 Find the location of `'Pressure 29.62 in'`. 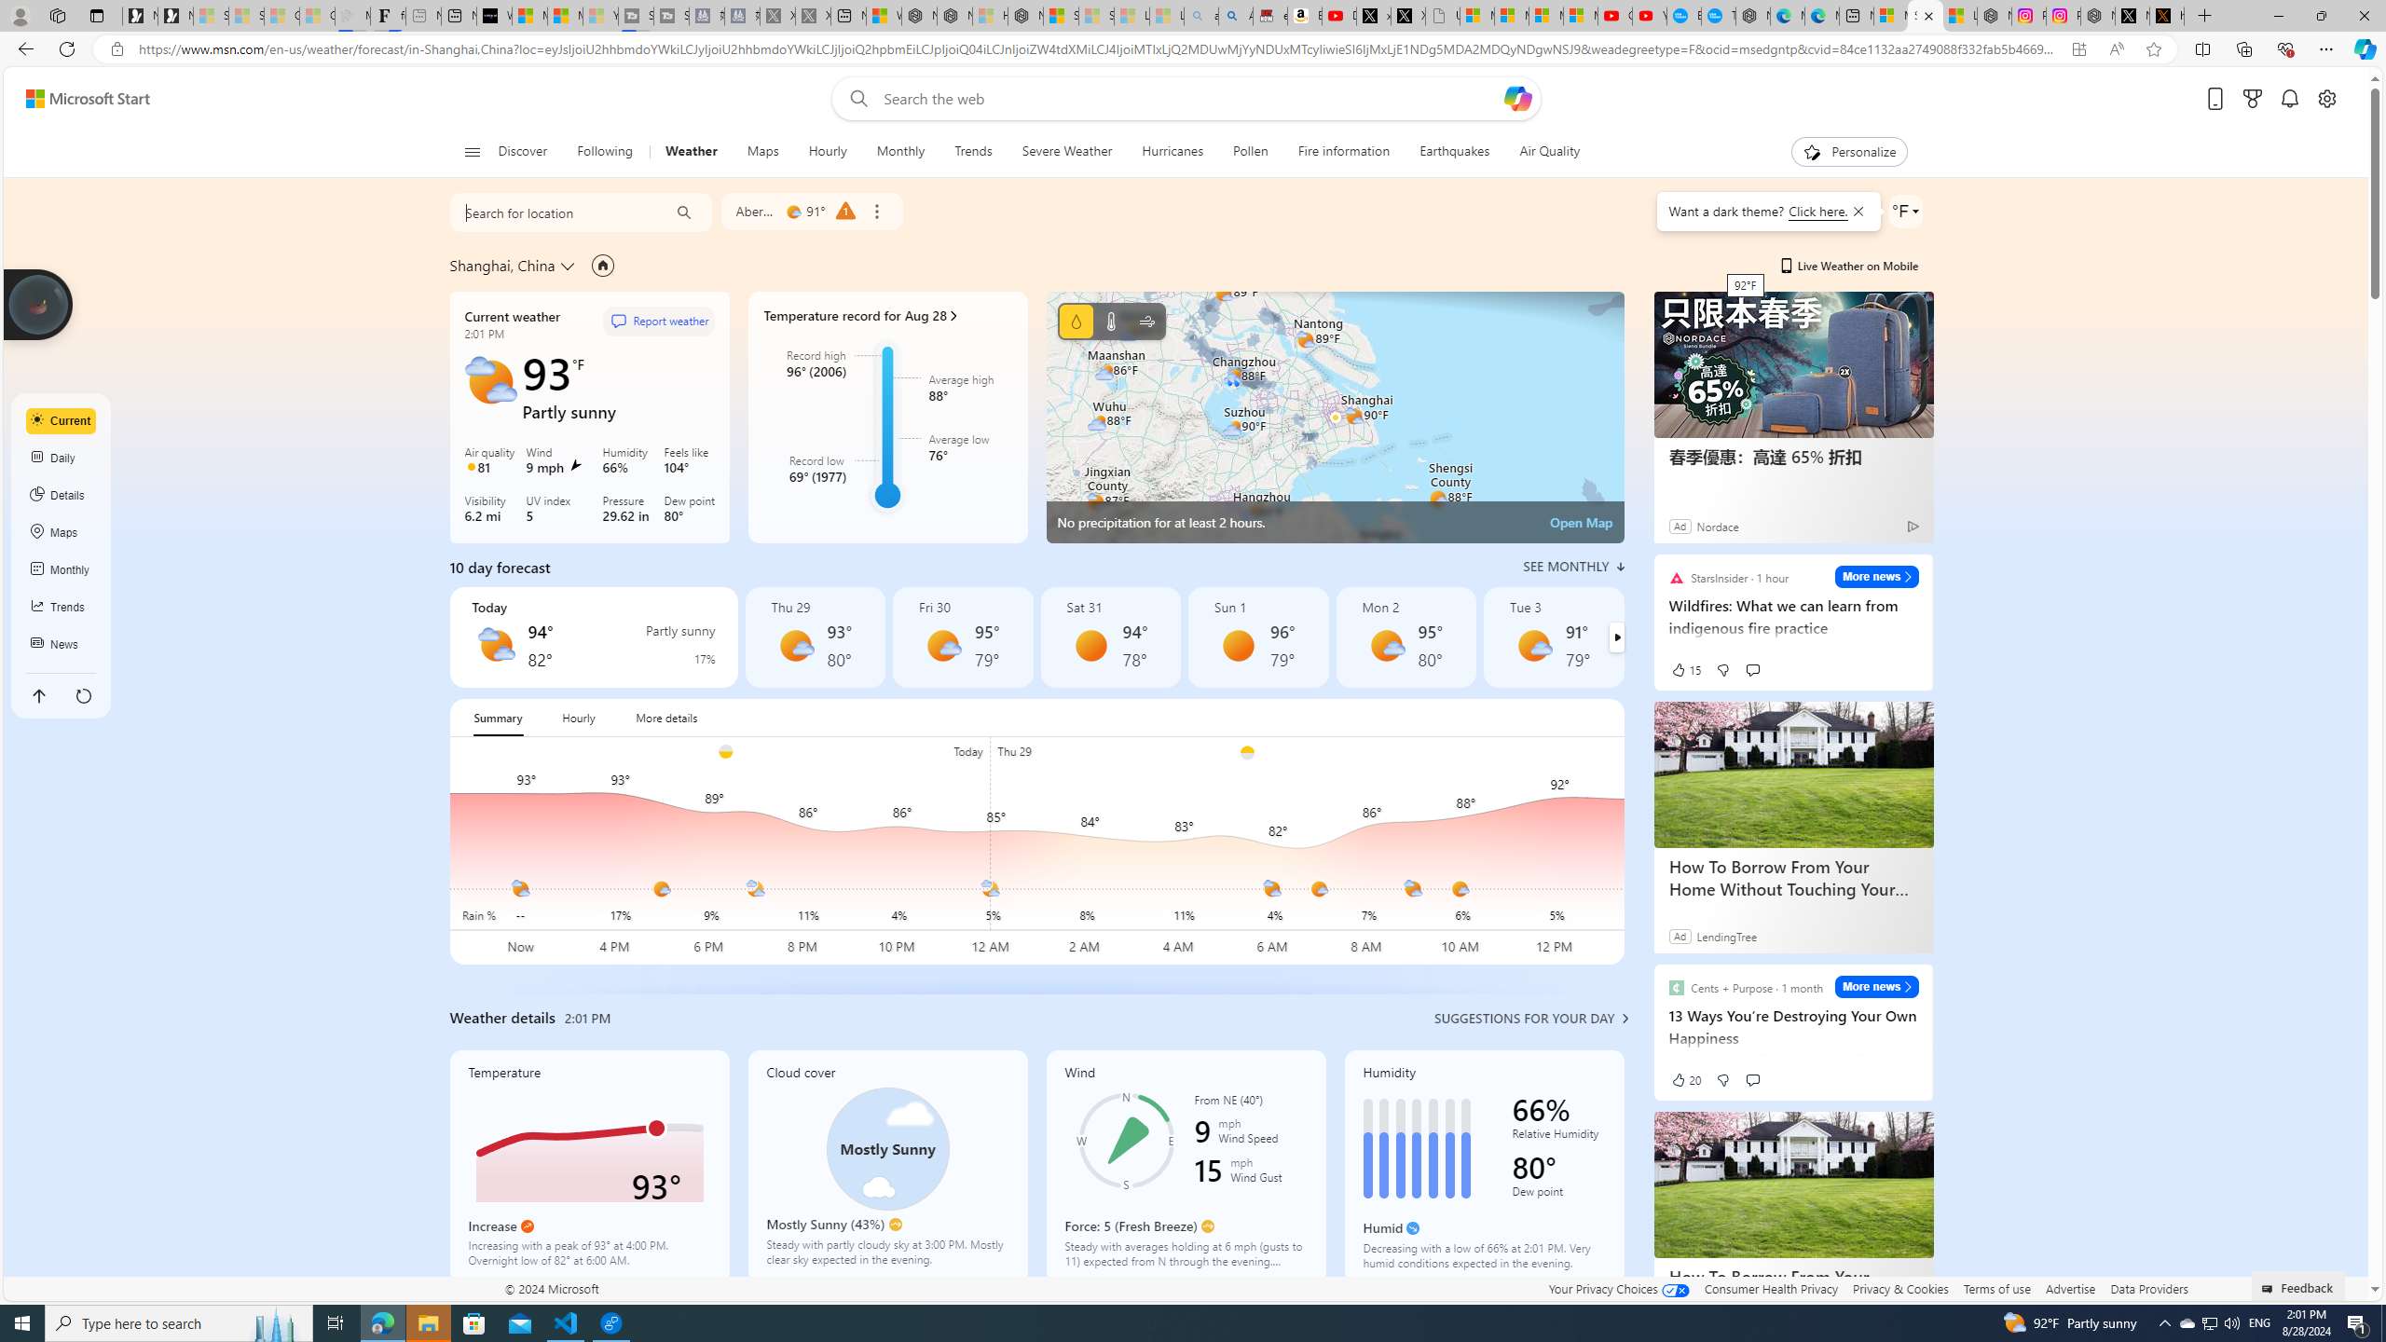

'Pressure 29.62 in' is located at coordinates (627, 510).